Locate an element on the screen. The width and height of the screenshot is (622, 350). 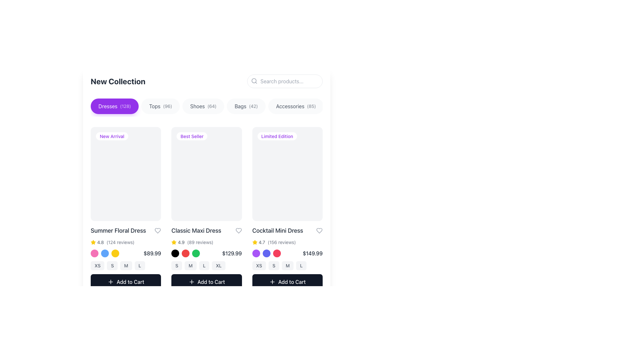
the search icon located within the search input field at the top-right corner of the interface is located at coordinates (254, 81).